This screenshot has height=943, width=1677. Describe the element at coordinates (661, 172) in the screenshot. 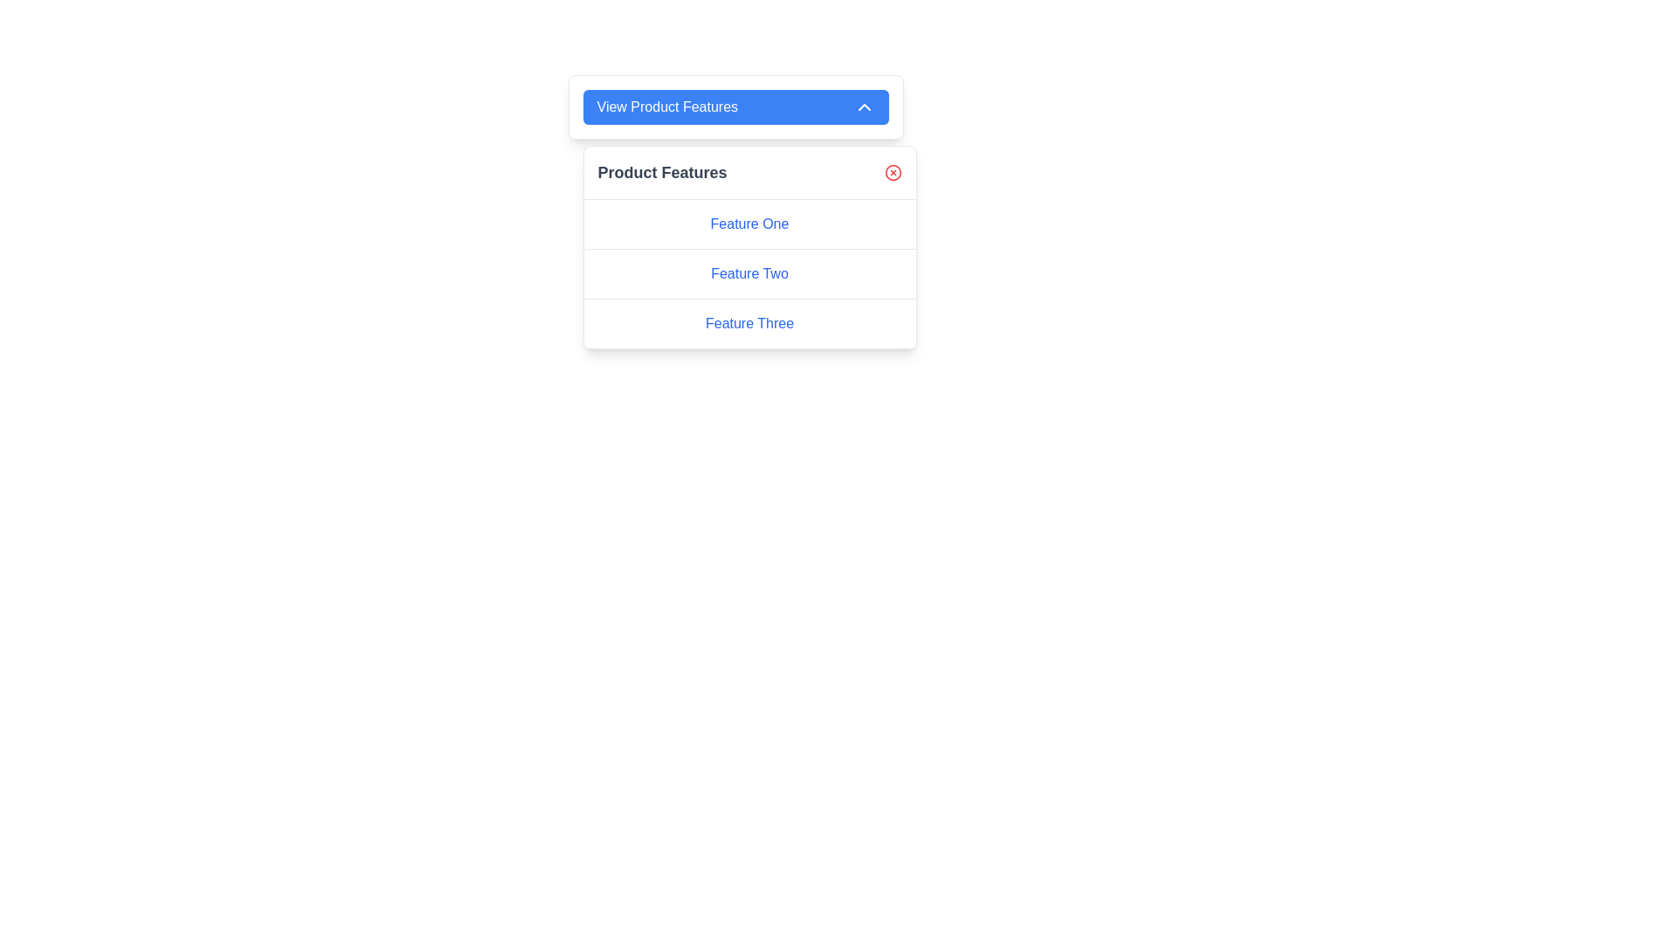

I see `the 'Product Features' text label, which is bold and gray, located near the top of its section and aligned to the left` at that location.